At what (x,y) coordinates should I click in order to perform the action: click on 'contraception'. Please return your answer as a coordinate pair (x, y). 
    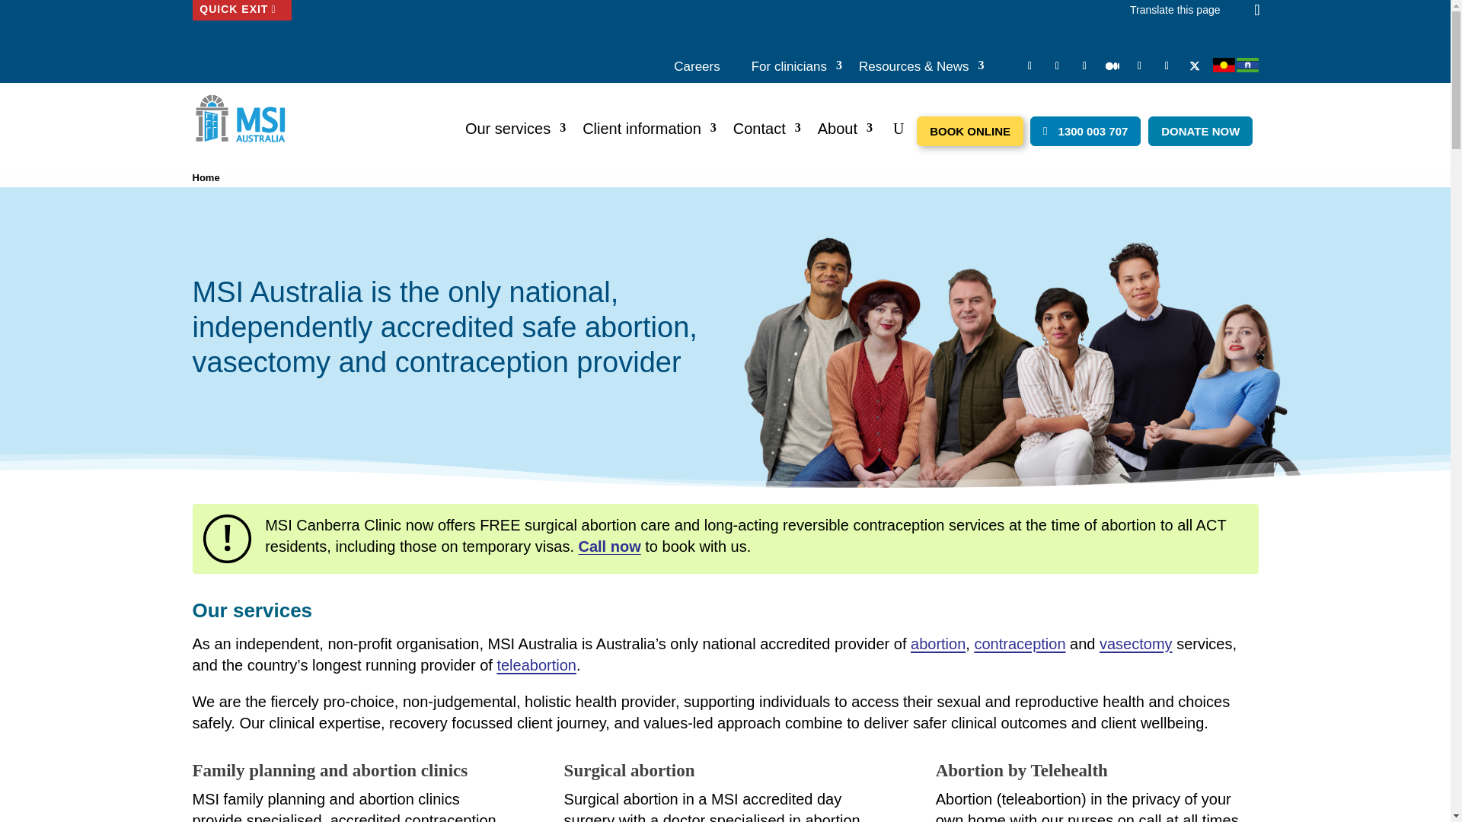
    Looking at the image, I should click on (1020, 643).